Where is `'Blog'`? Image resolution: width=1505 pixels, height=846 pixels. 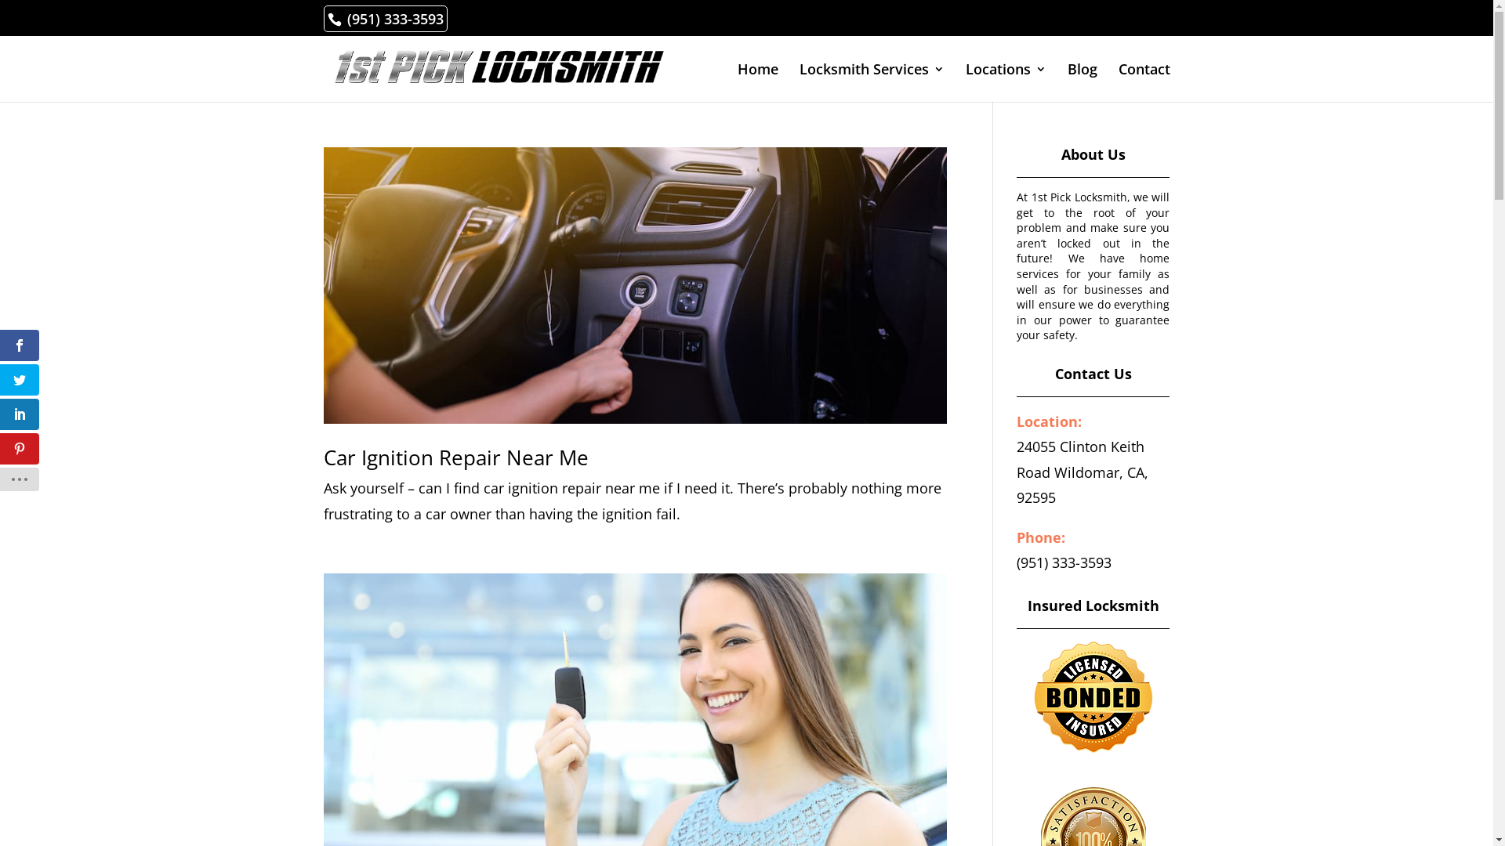
'Blog' is located at coordinates (1082, 82).